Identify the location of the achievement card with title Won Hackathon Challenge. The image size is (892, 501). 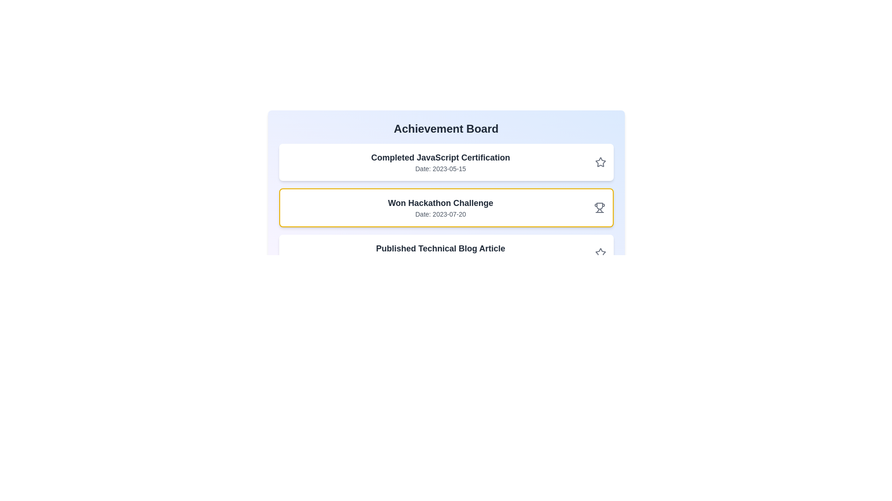
(446, 207).